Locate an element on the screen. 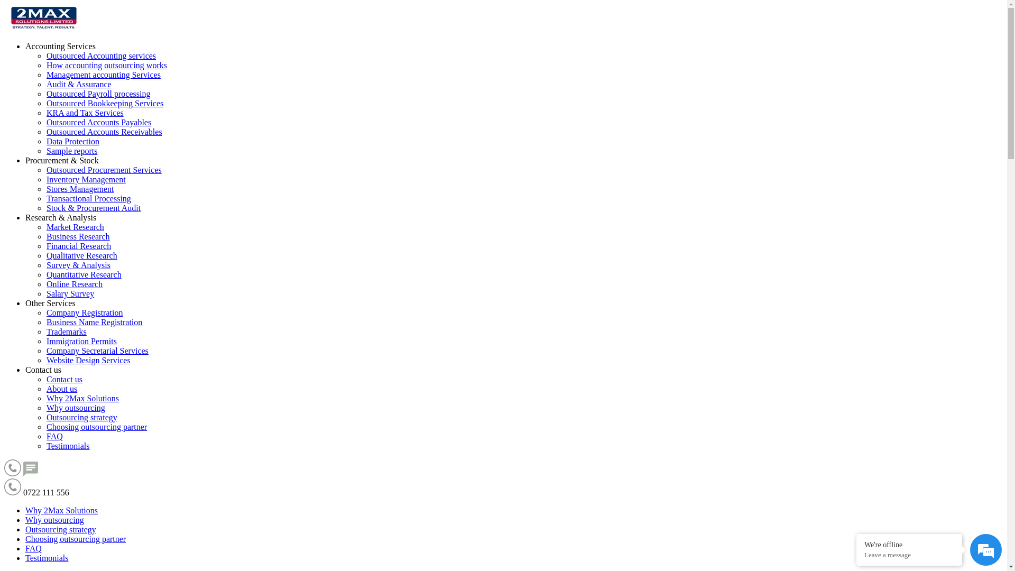 The height and width of the screenshot is (571, 1015). 'Website Design Services' is located at coordinates (88, 360).